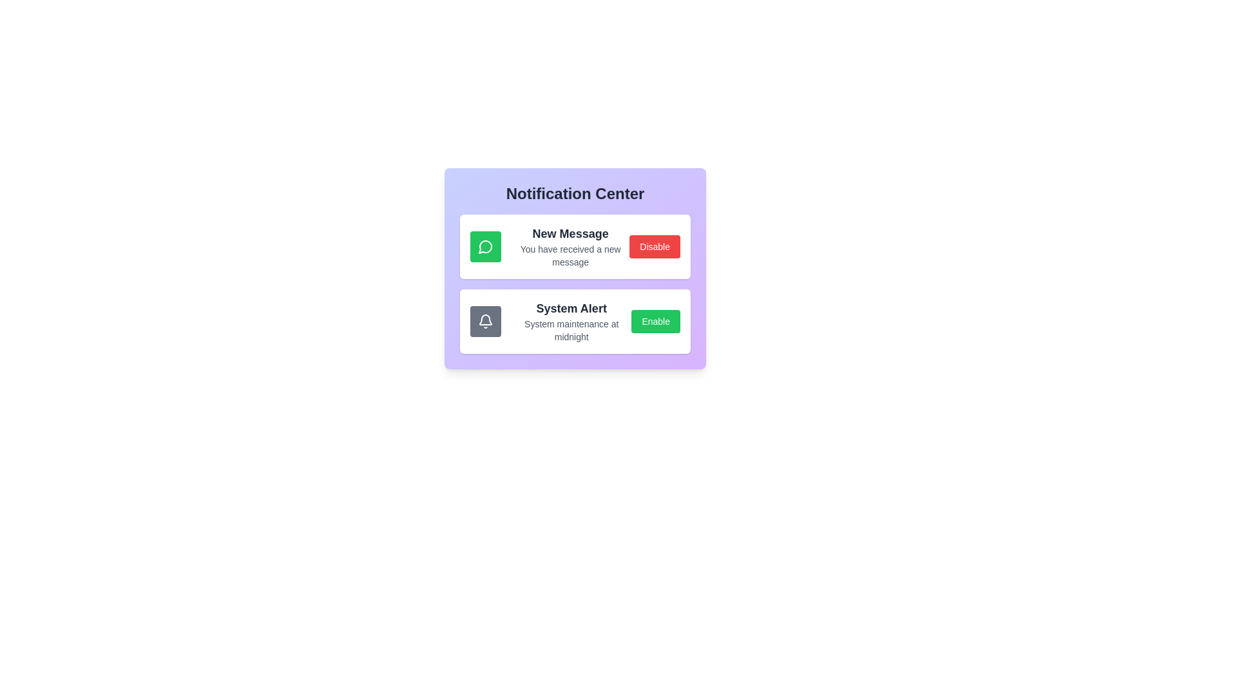 The image size is (1237, 696). I want to click on the Notification Center heading to interact with it, so click(574, 193).